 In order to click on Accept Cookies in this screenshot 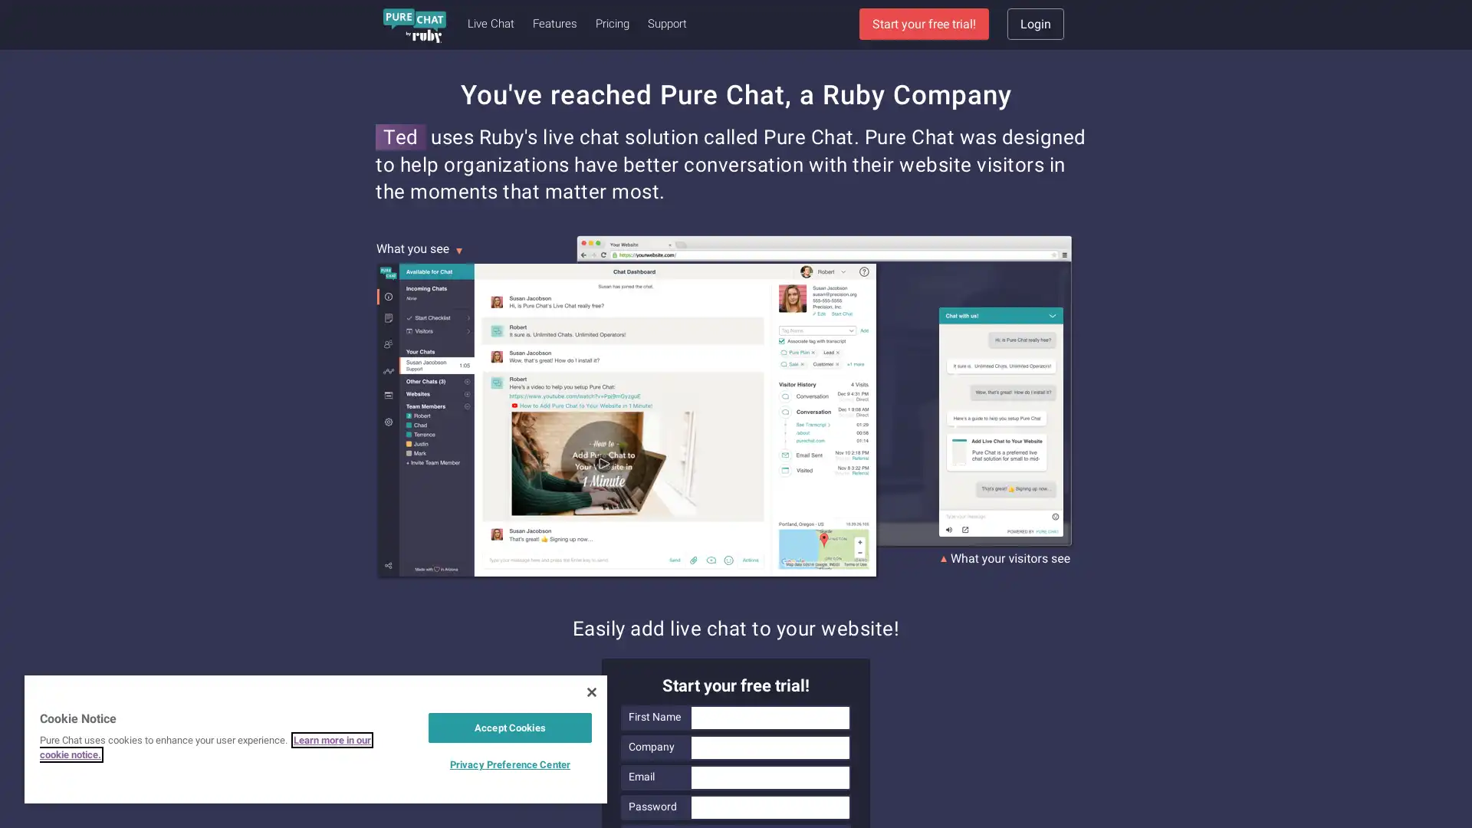, I will do `click(509, 726)`.